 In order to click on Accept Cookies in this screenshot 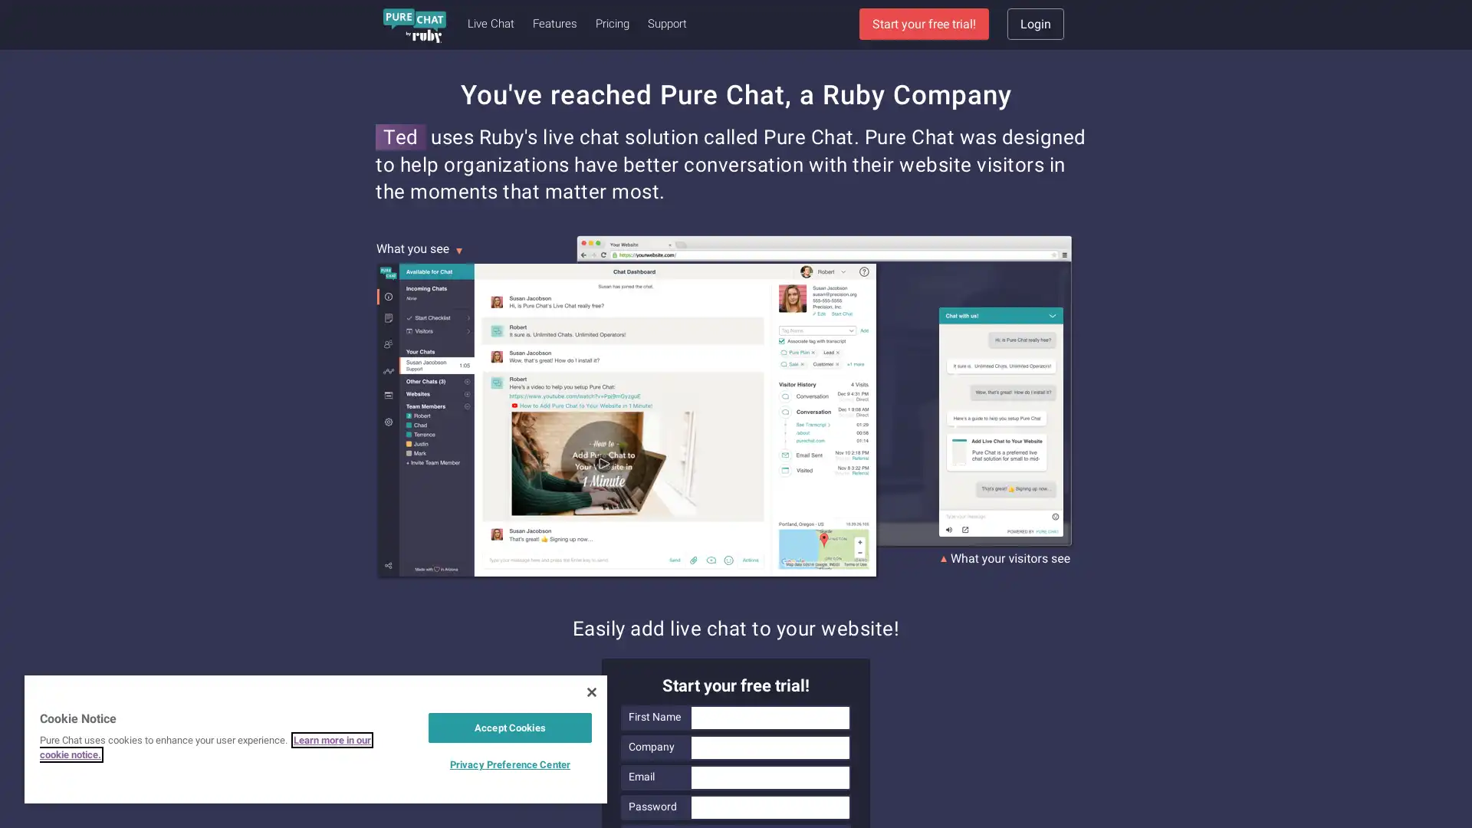, I will do `click(509, 726)`.